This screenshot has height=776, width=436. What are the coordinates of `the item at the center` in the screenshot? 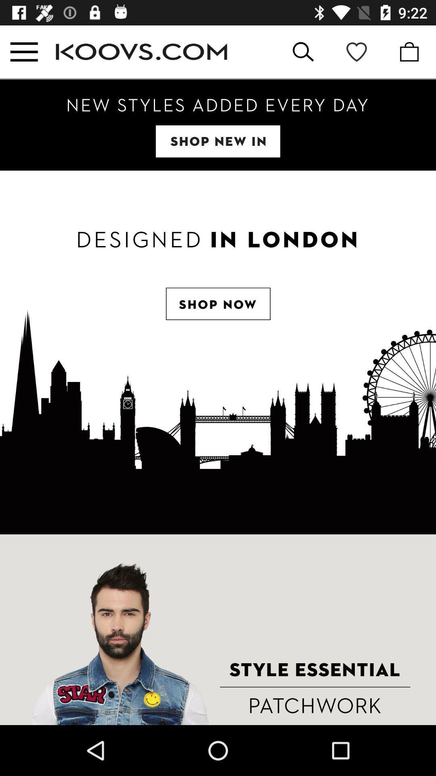 It's located at (218, 352).